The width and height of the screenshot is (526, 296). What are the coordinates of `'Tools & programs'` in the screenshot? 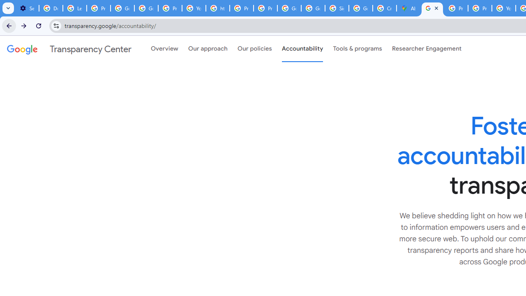 It's located at (357, 49).